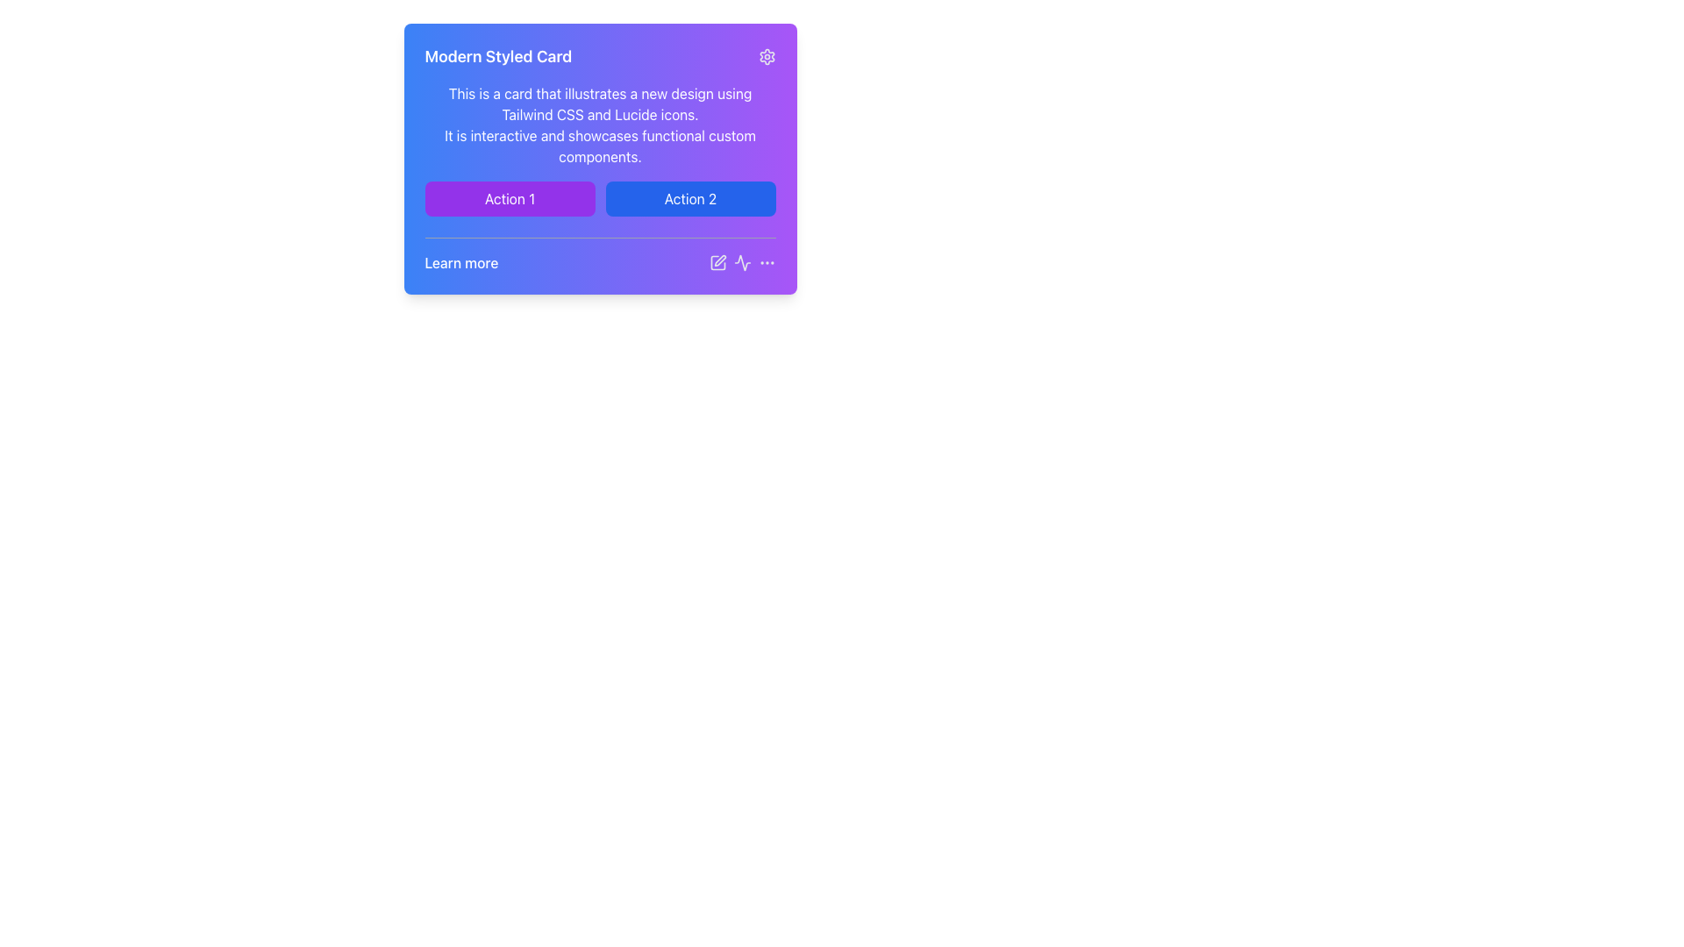 The image size is (1684, 947). Describe the element at coordinates (742, 263) in the screenshot. I see `the activity or waveform icon located in the bottom-right section of the card, positioned as the fourth icon in a row of five, between the pencil icon and the ellipsis icon` at that location.